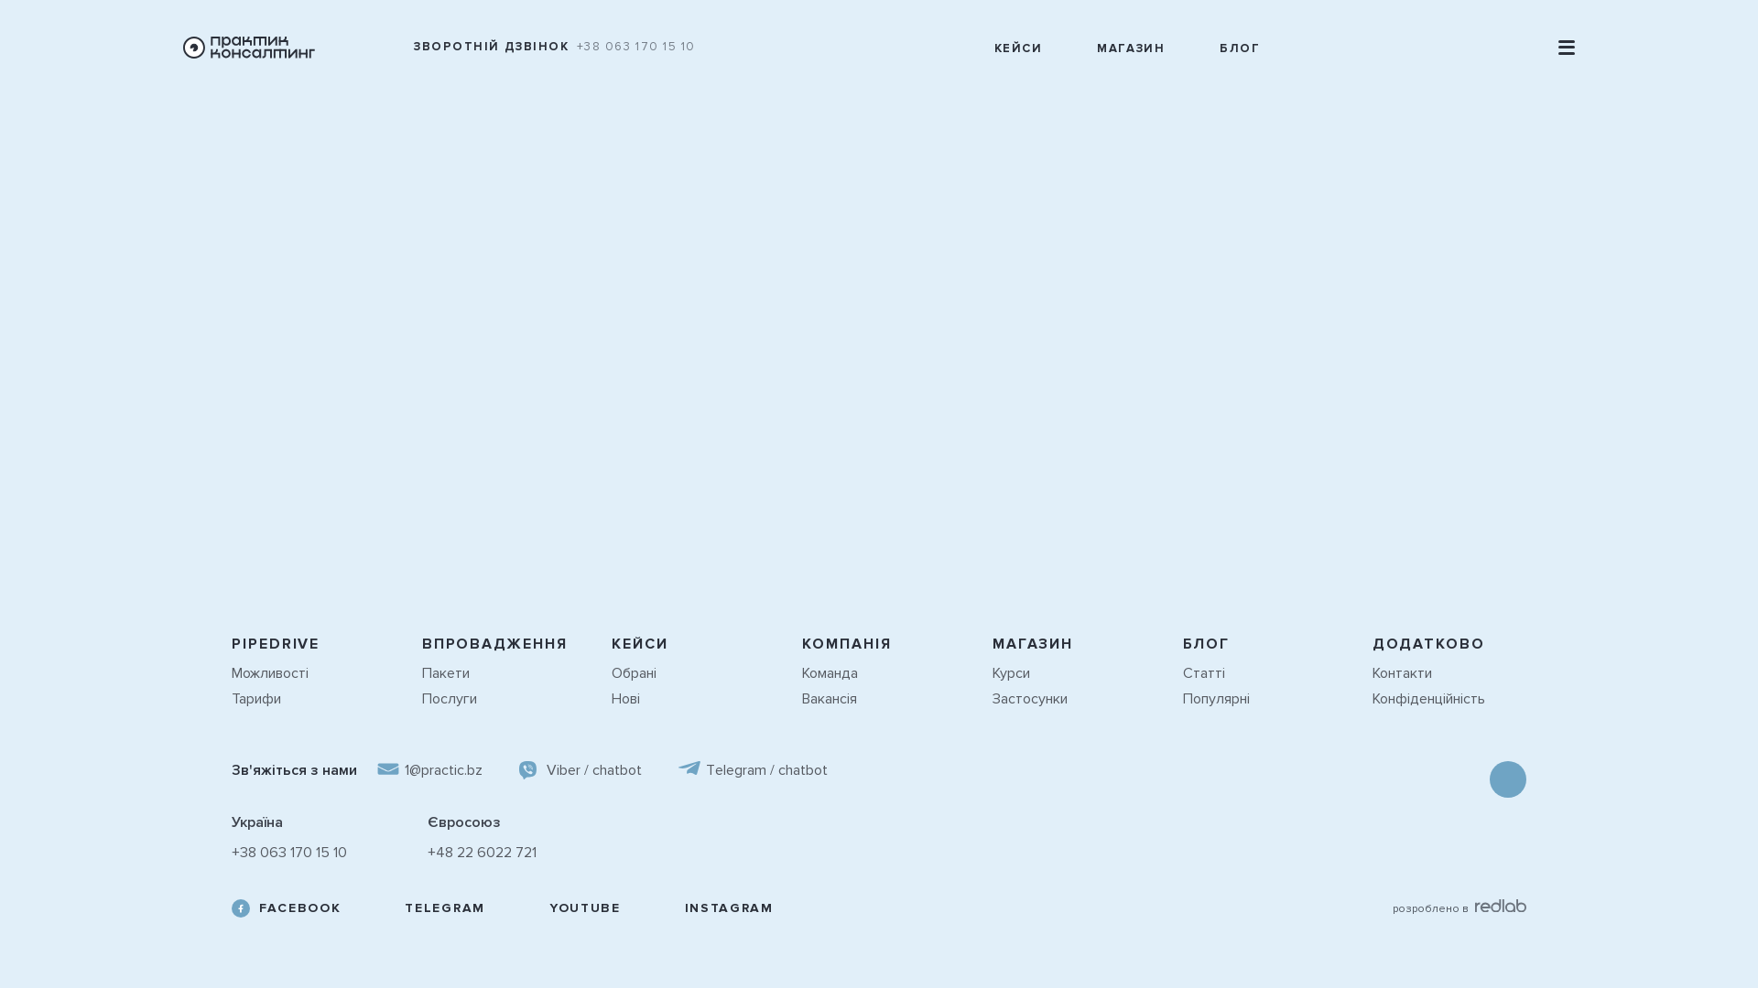  What do you see at coordinates (429, 770) in the screenshot?
I see `'1@practic.bz'` at bounding box center [429, 770].